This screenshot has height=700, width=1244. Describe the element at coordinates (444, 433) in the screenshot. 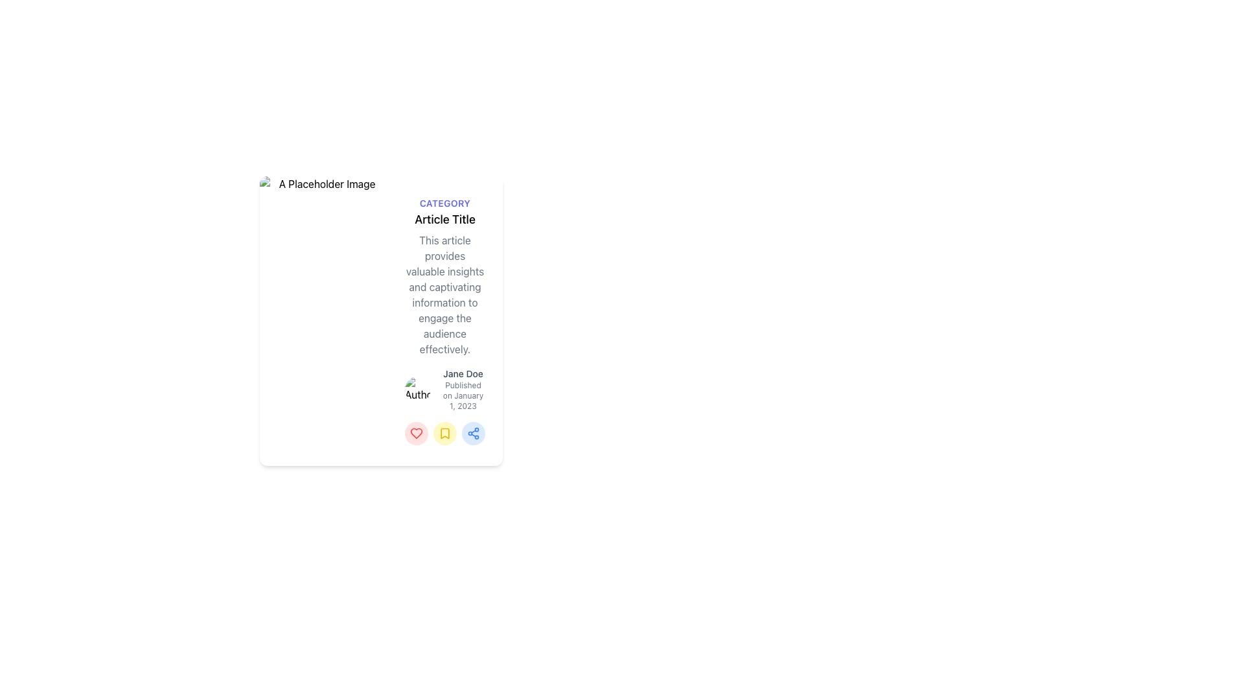

I see `the bookmark icon, which is the middle icon in a row of three icons at the bottom of a card layout` at that location.